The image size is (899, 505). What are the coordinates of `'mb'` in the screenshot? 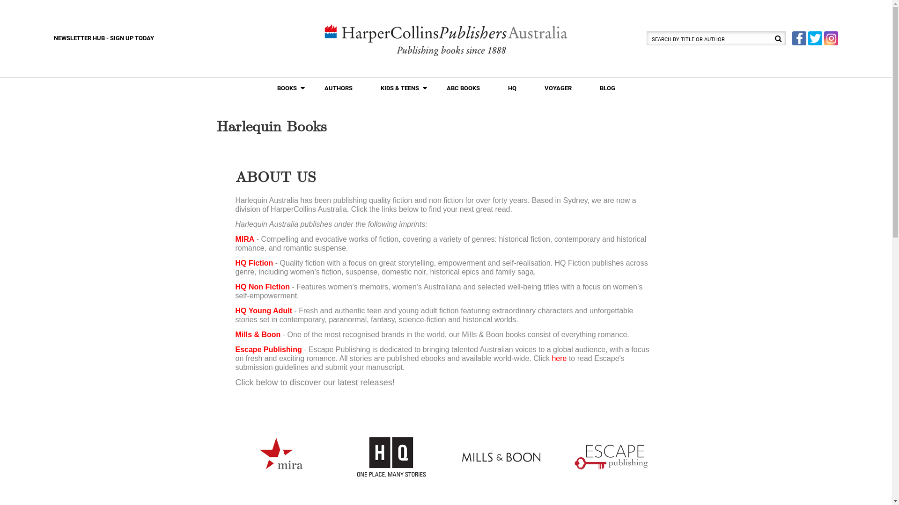 It's located at (500, 456).